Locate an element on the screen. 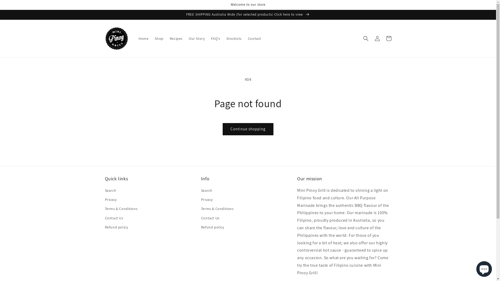  'Our Story' is located at coordinates (186, 38).